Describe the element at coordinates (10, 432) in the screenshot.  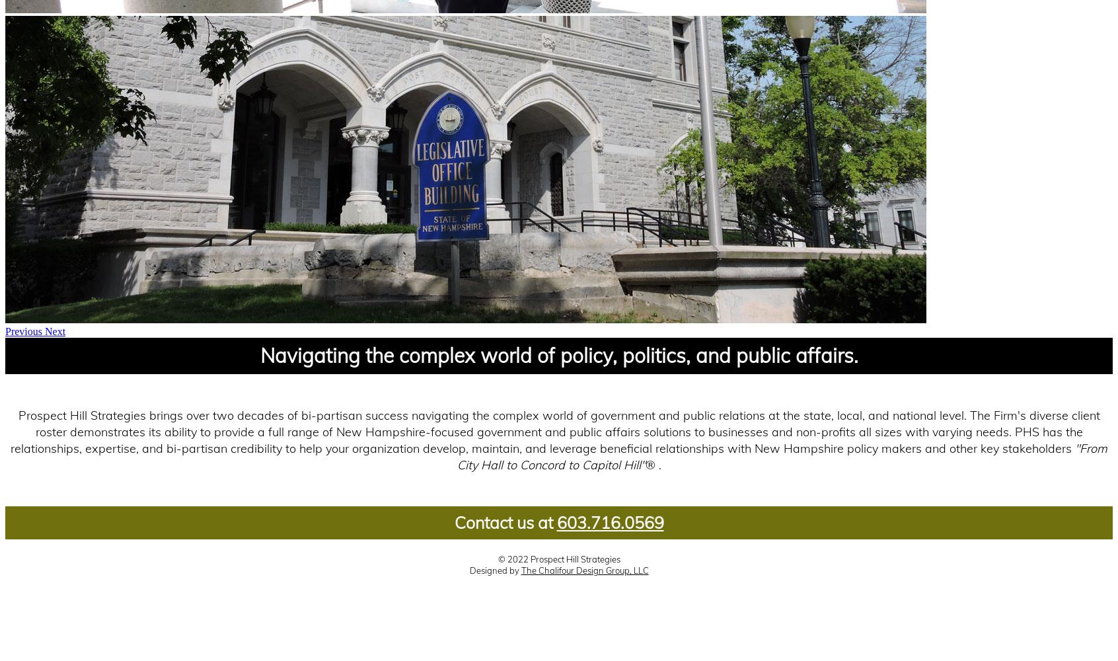
I see `'Prospect Hill Strategies brings over two decades of bi-partisan success navigating the complex world of government and public relations at the state, local, and national level.  The Firm's diverse client roster demonstrates its ability to provide a full range of New Hampshire-focused government and public affairs solutions to businesses and non-profits all sizes with varying needs.  PHS has the relationships, expertise, and bi-partisan credibility to help your organization develop, maintain, and leverage beneficial relationships with New Hampshire policy makers and other key stakeholders'` at that location.